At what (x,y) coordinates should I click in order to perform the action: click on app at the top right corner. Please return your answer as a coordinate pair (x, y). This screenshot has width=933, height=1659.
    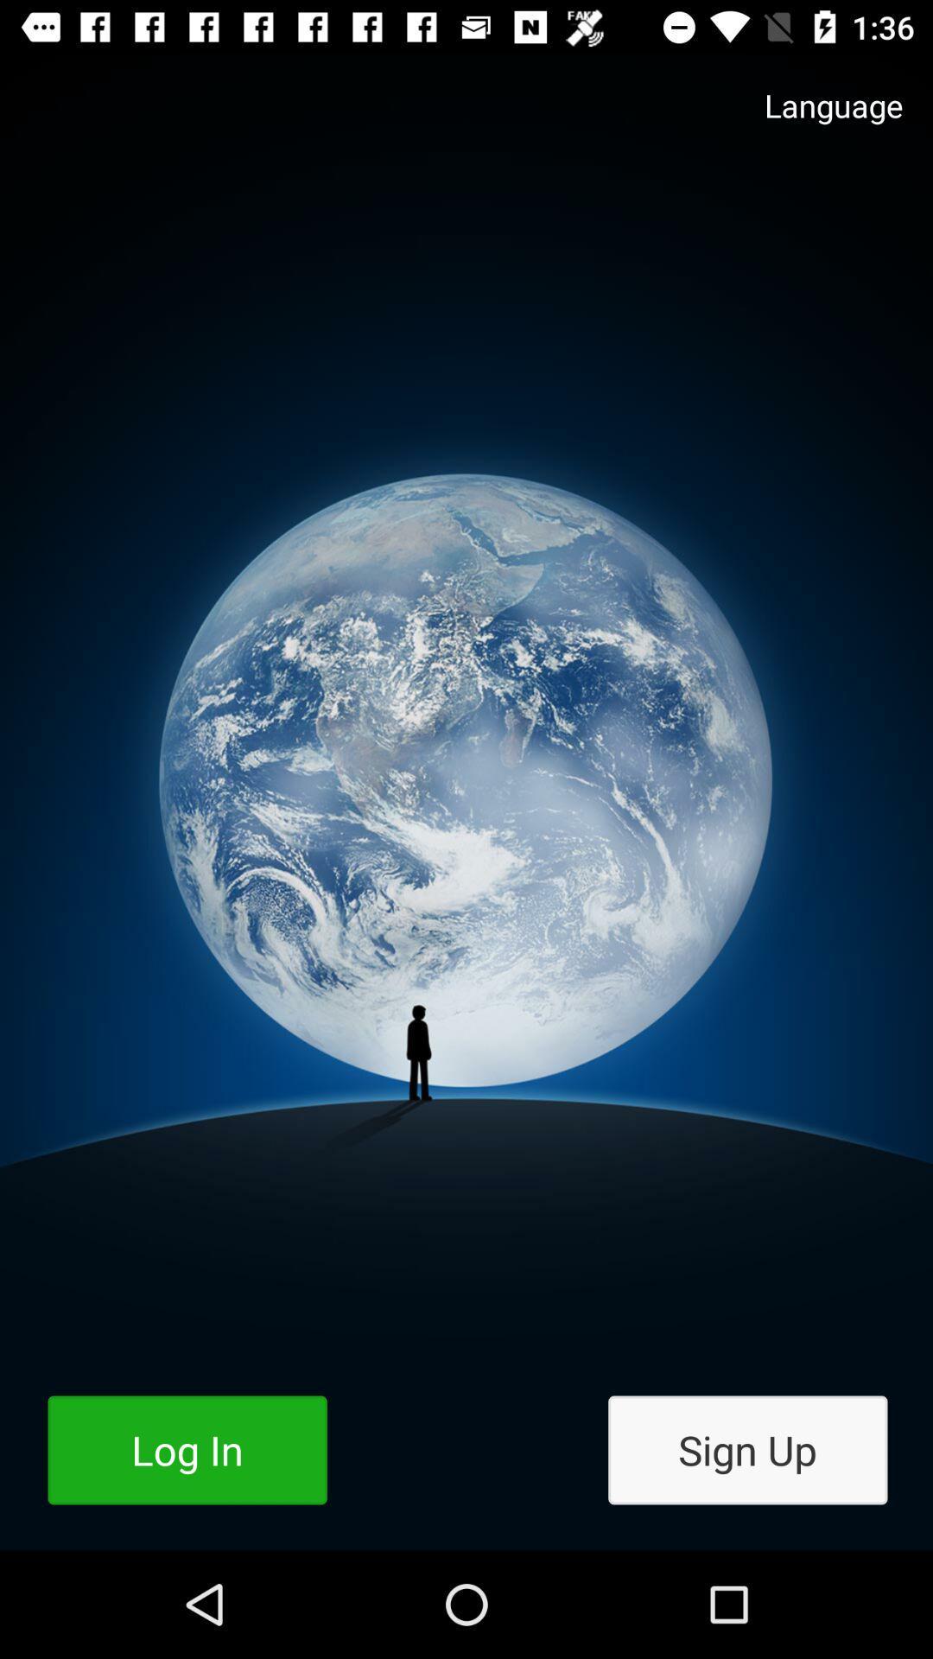
    Looking at the image, I should click on (816, 122).